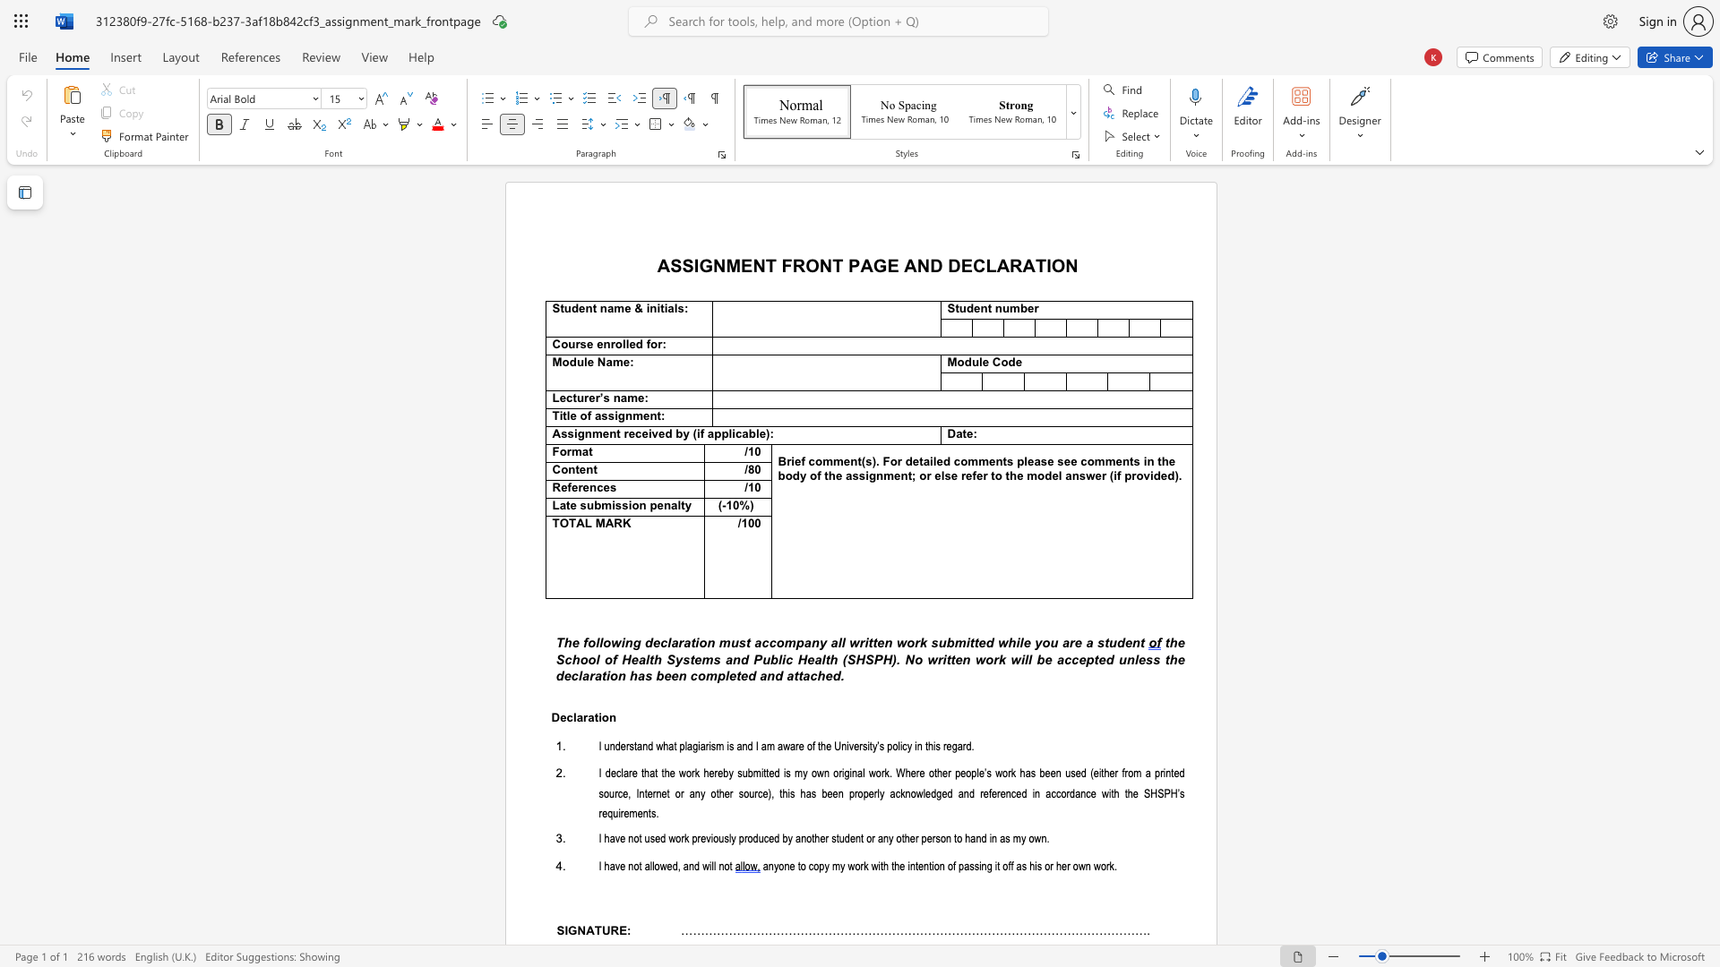  What do you see at coordinates (1010, 307) in the screenshot?
I see `the space between the continuous character "u" and "m" in the text` at bounding box center [1010, 307].